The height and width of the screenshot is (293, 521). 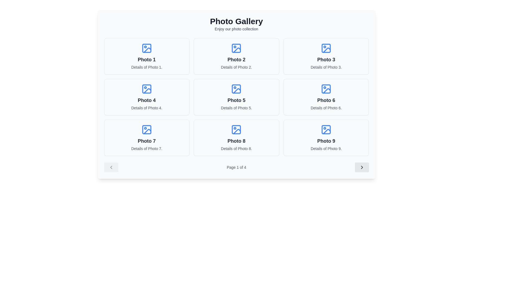 What do you see at coordinates (236, 138) in the screenshot?
I see `the Card element representing 'Photo 8' in the grid layout, located in the bottom-center position of the grid` at bounding box center [236, 138].